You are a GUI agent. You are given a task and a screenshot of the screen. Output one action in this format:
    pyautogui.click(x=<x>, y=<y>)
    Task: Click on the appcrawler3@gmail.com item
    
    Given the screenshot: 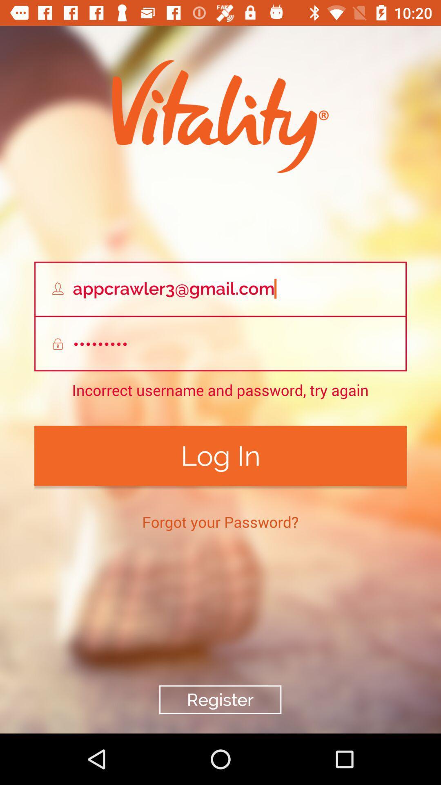 What is the action you would take?
    pyautogui.click(x=220, y=289)
    